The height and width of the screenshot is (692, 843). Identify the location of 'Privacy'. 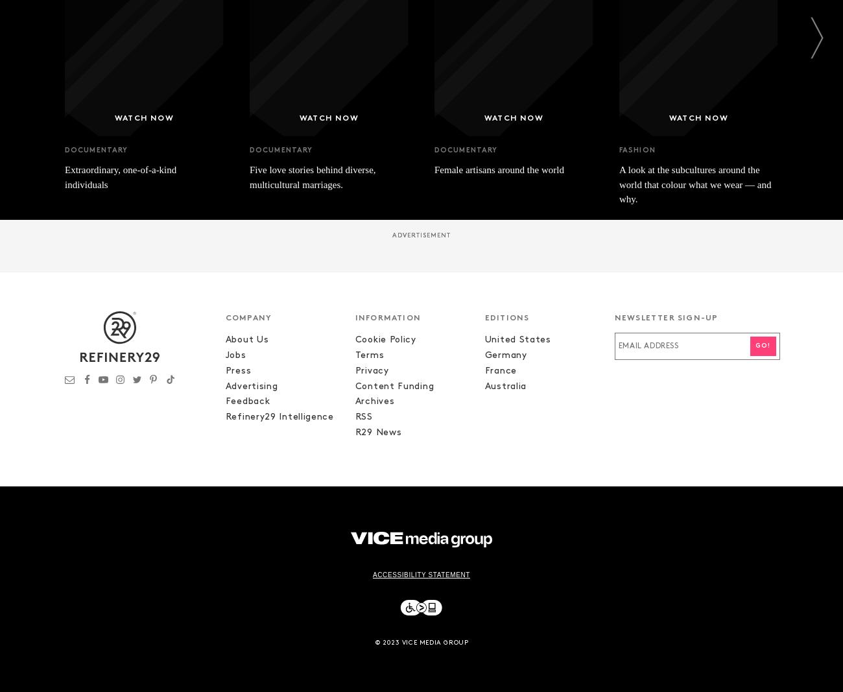
(371, 370).